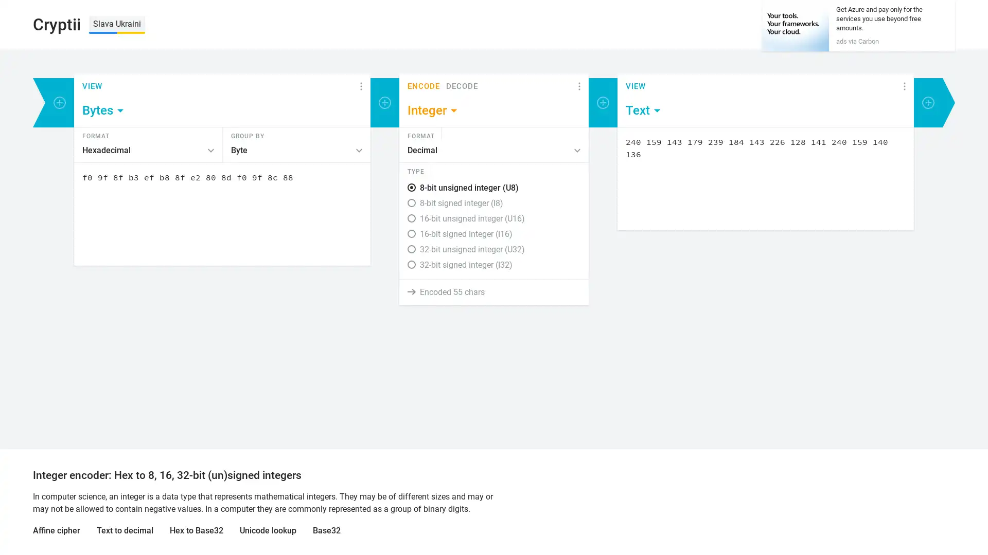 Image resolution: width=988 pixels, height=555 pixels. I want to click on Add encoder or viewer, so click(928, 103).